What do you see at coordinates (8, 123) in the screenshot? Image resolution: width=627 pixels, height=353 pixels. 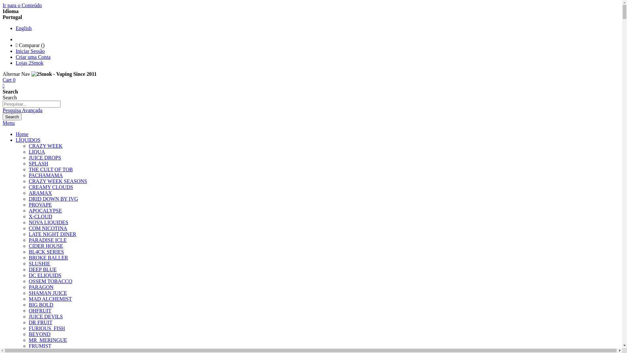 I see `'Menu'` at bounding box center [8, 123].